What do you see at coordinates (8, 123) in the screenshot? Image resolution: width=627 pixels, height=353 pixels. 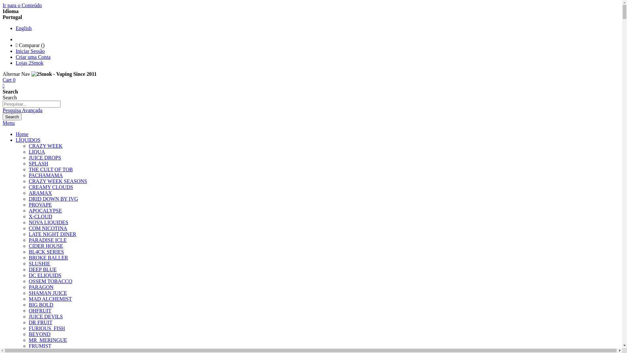 I see `'Menu'` at bounding box center [8, 123].